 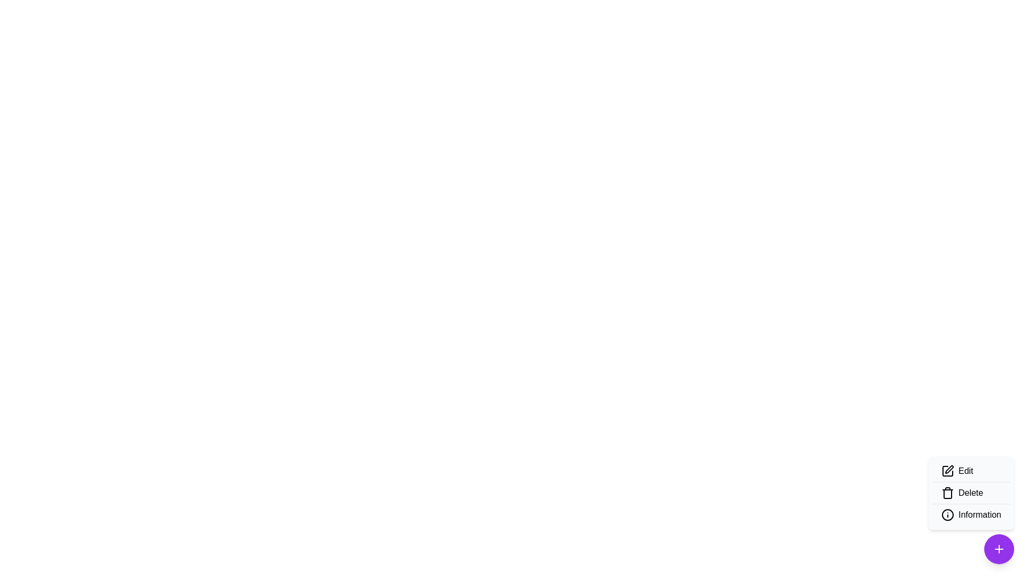 What do you see at coordinates (971, 471) in the screenshot?
I see `the first item in the vertical menu located in the bottom-right corner` at bounding box center [971, 471].